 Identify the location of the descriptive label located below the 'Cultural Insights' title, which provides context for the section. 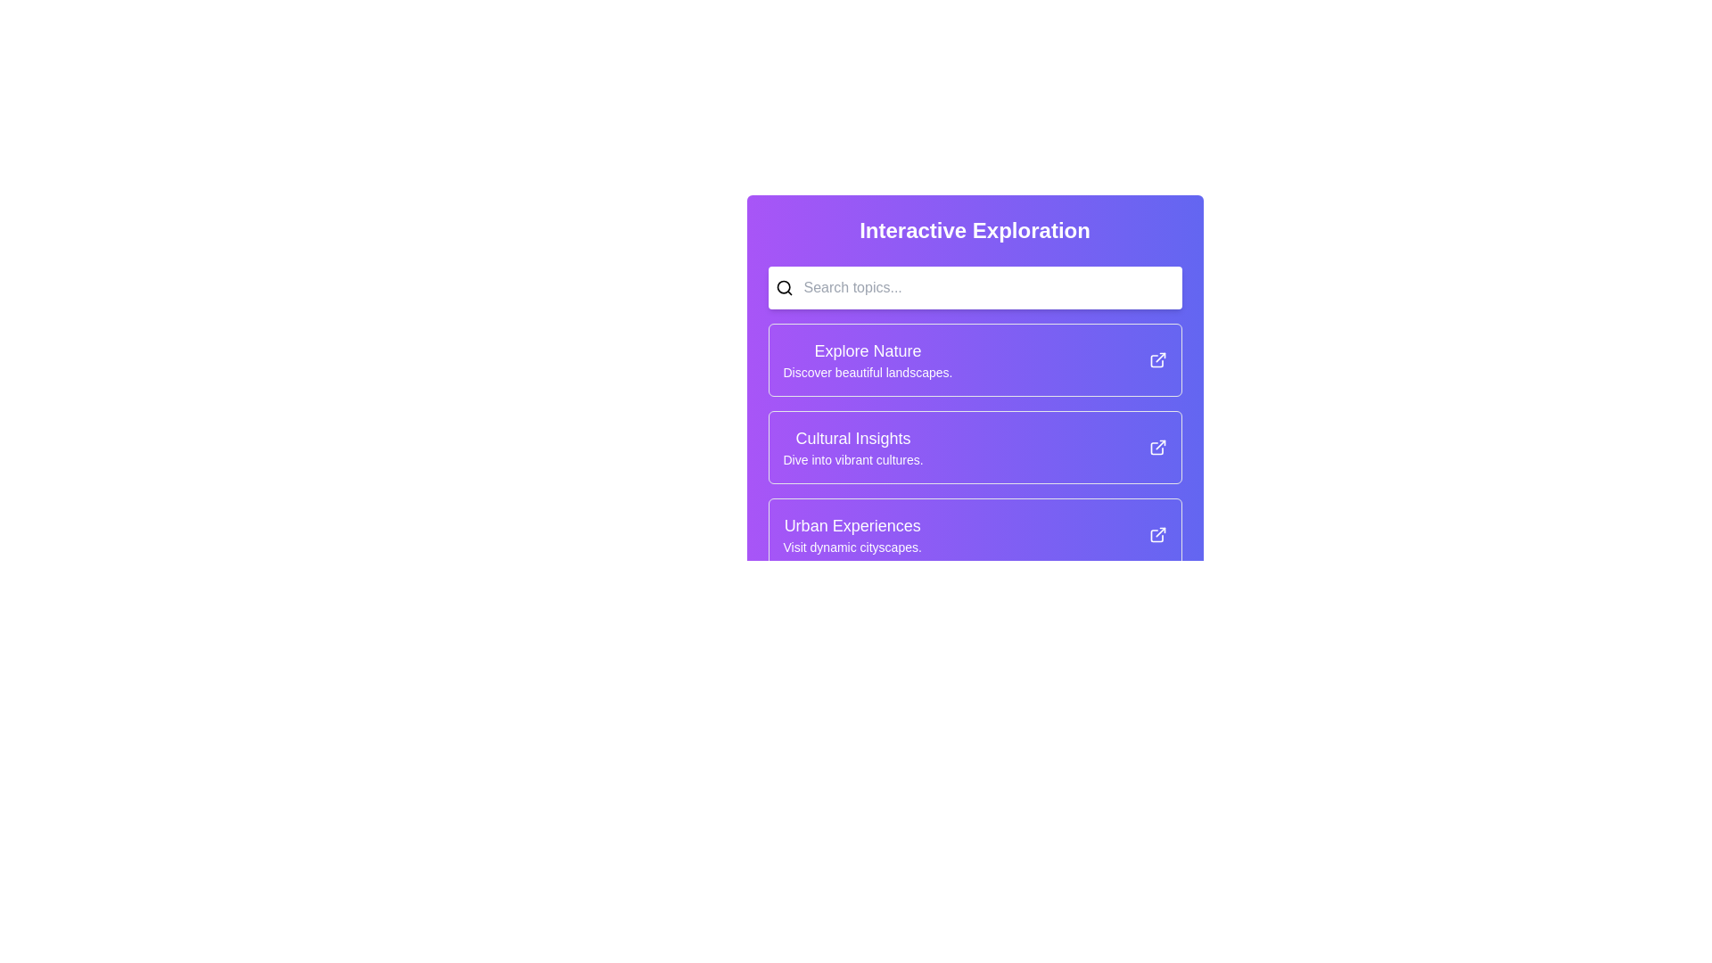
(852, 459).